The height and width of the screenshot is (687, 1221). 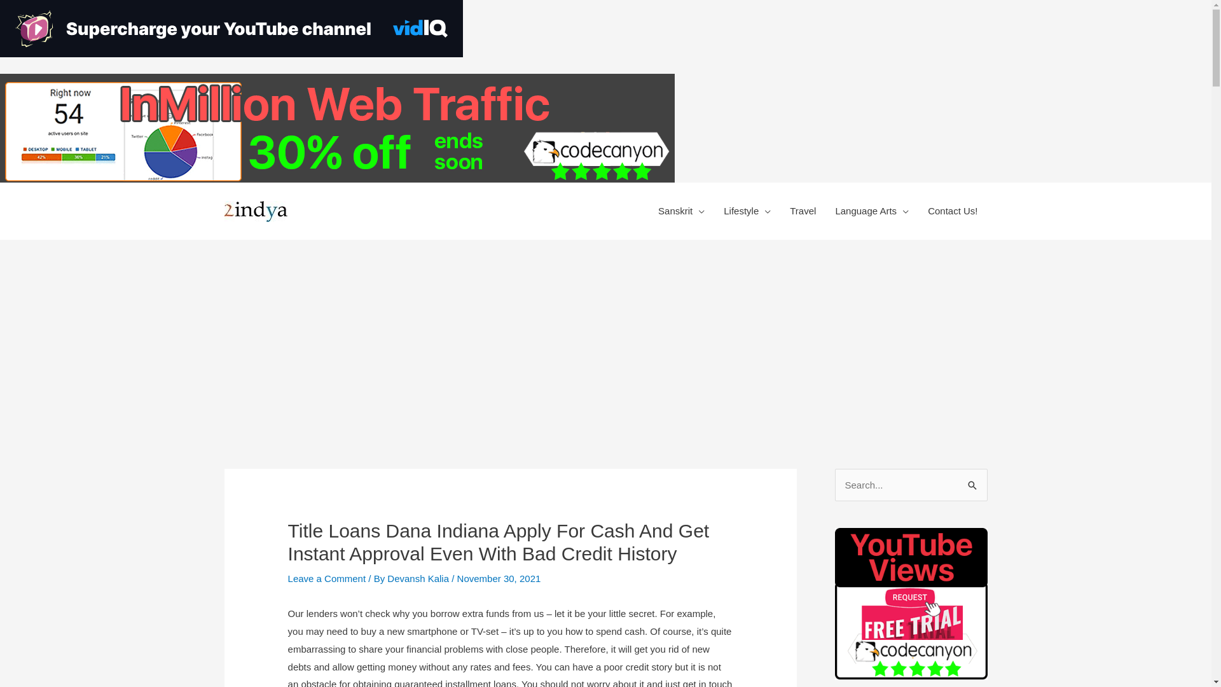 What do you see at coordinates (952, 210) in the screenshot?
I see `'Contact Us!'` at bounding box center [952, 210].